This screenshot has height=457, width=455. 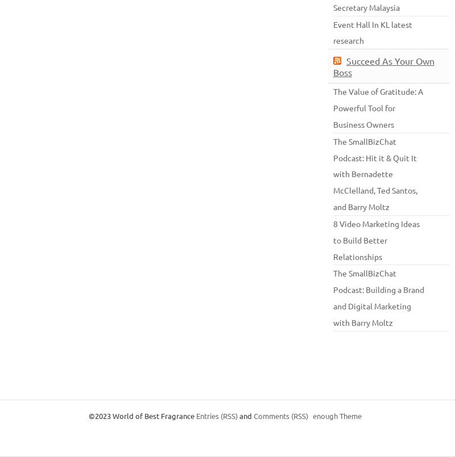 I want to click on 'L latest research', so click(x=372, y=32).